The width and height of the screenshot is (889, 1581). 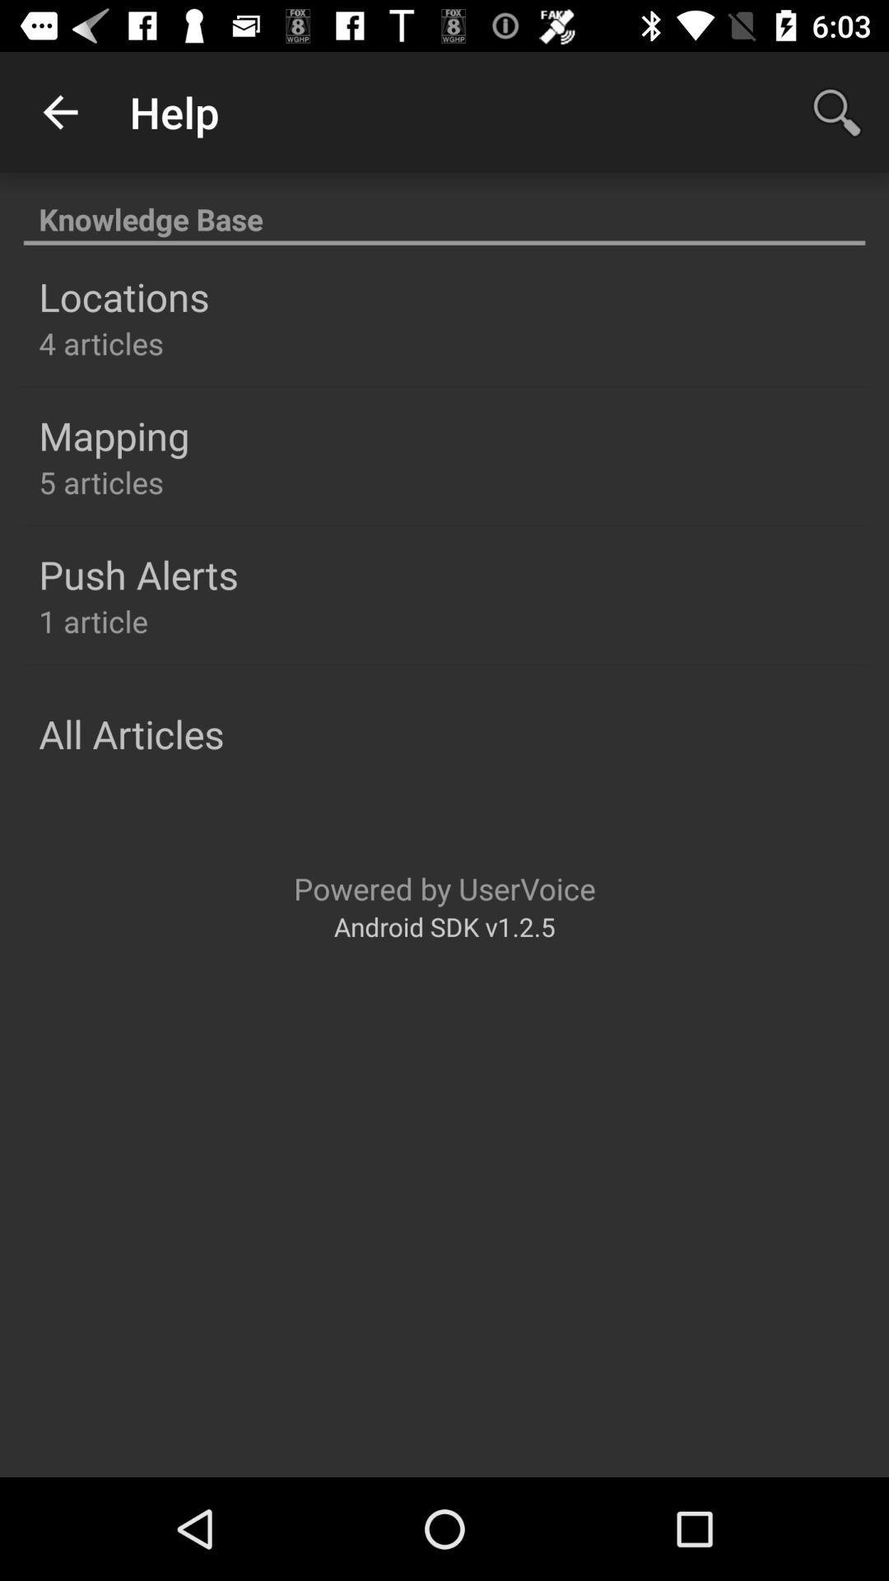 I want to click on android sdk v1, so click(x=444, y=926).